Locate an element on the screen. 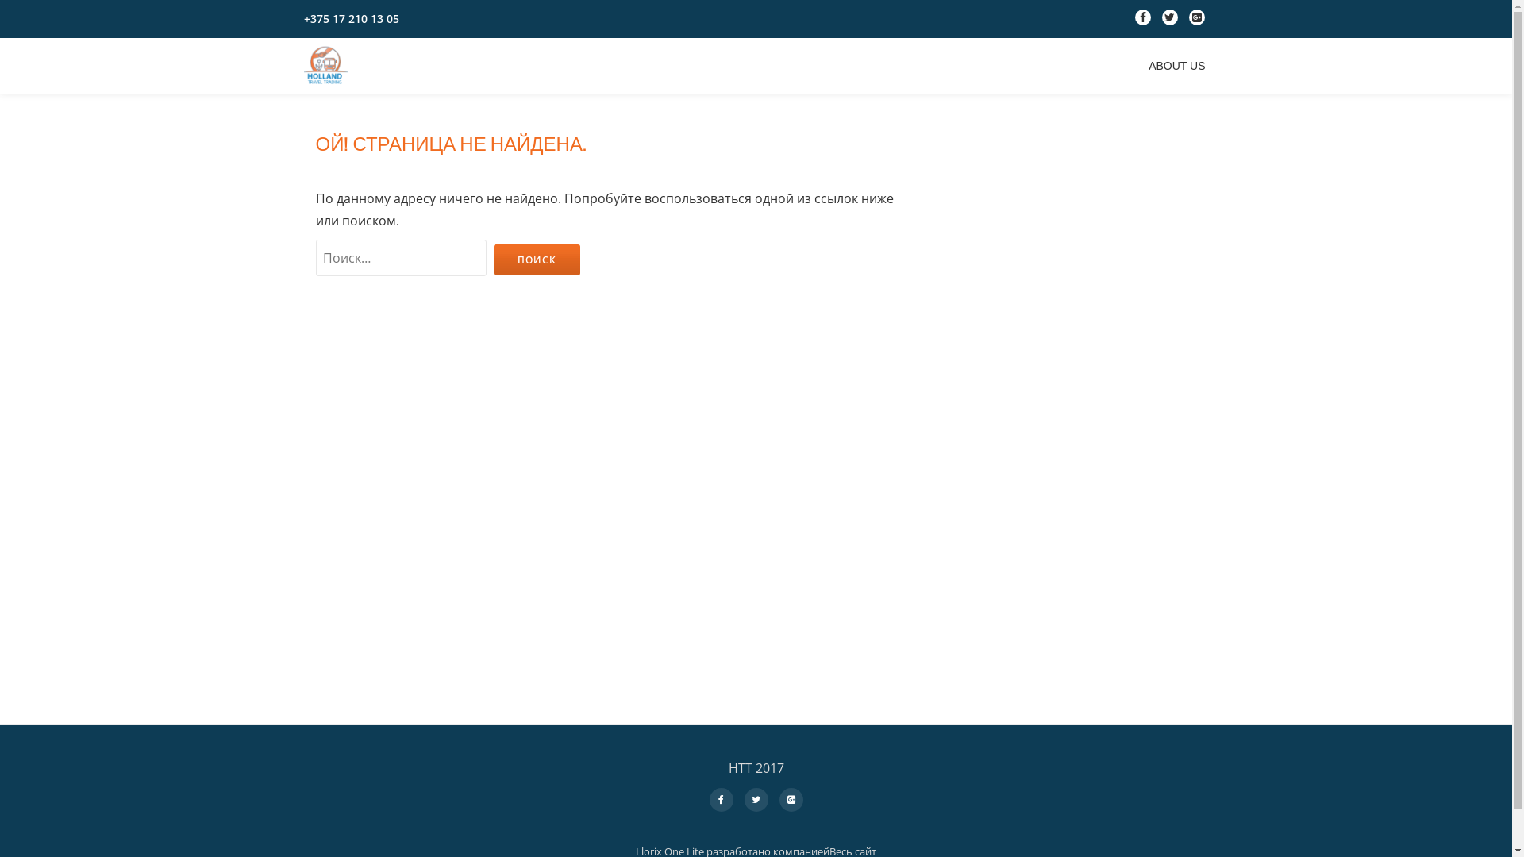 The image size is (1524, 857). 'ABOUT US' is located at coordinates (1176, 65).